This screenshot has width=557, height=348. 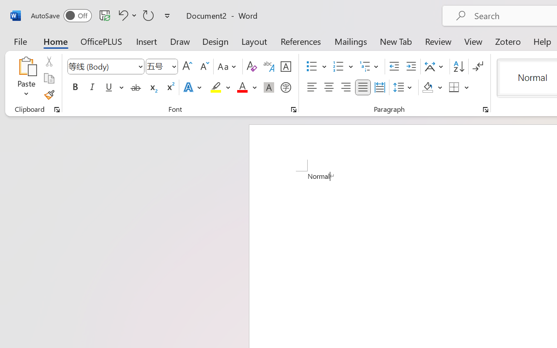 I want to click on 'AutoSave', so click(x=60, y=15).